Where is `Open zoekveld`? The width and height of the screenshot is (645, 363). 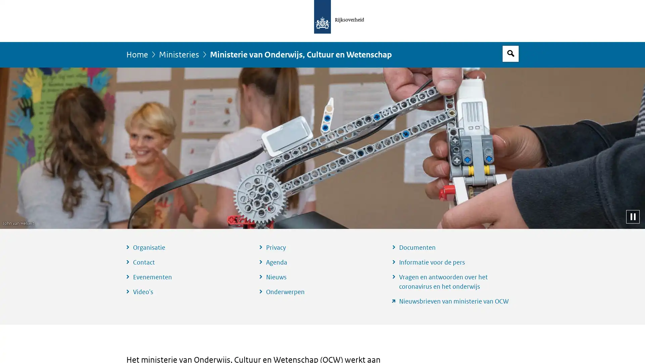 Open zoekveld is located at coordinates (511, 53).